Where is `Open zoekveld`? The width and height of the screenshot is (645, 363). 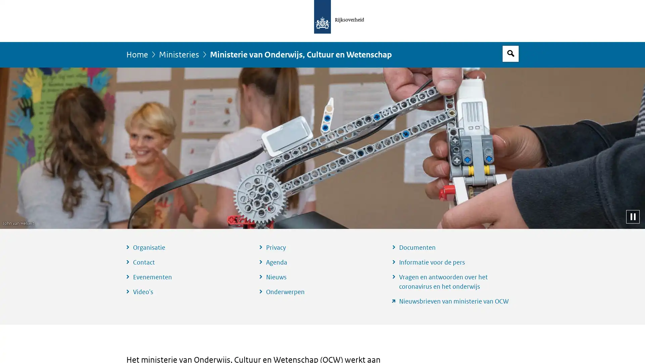 Open zoekveld is located at coordinates (511, 53).